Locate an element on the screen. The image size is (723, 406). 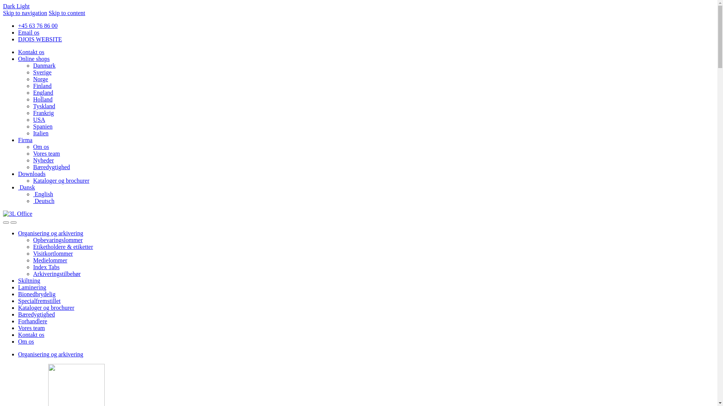
'Nyheder' is located at coordinates (43, 160).